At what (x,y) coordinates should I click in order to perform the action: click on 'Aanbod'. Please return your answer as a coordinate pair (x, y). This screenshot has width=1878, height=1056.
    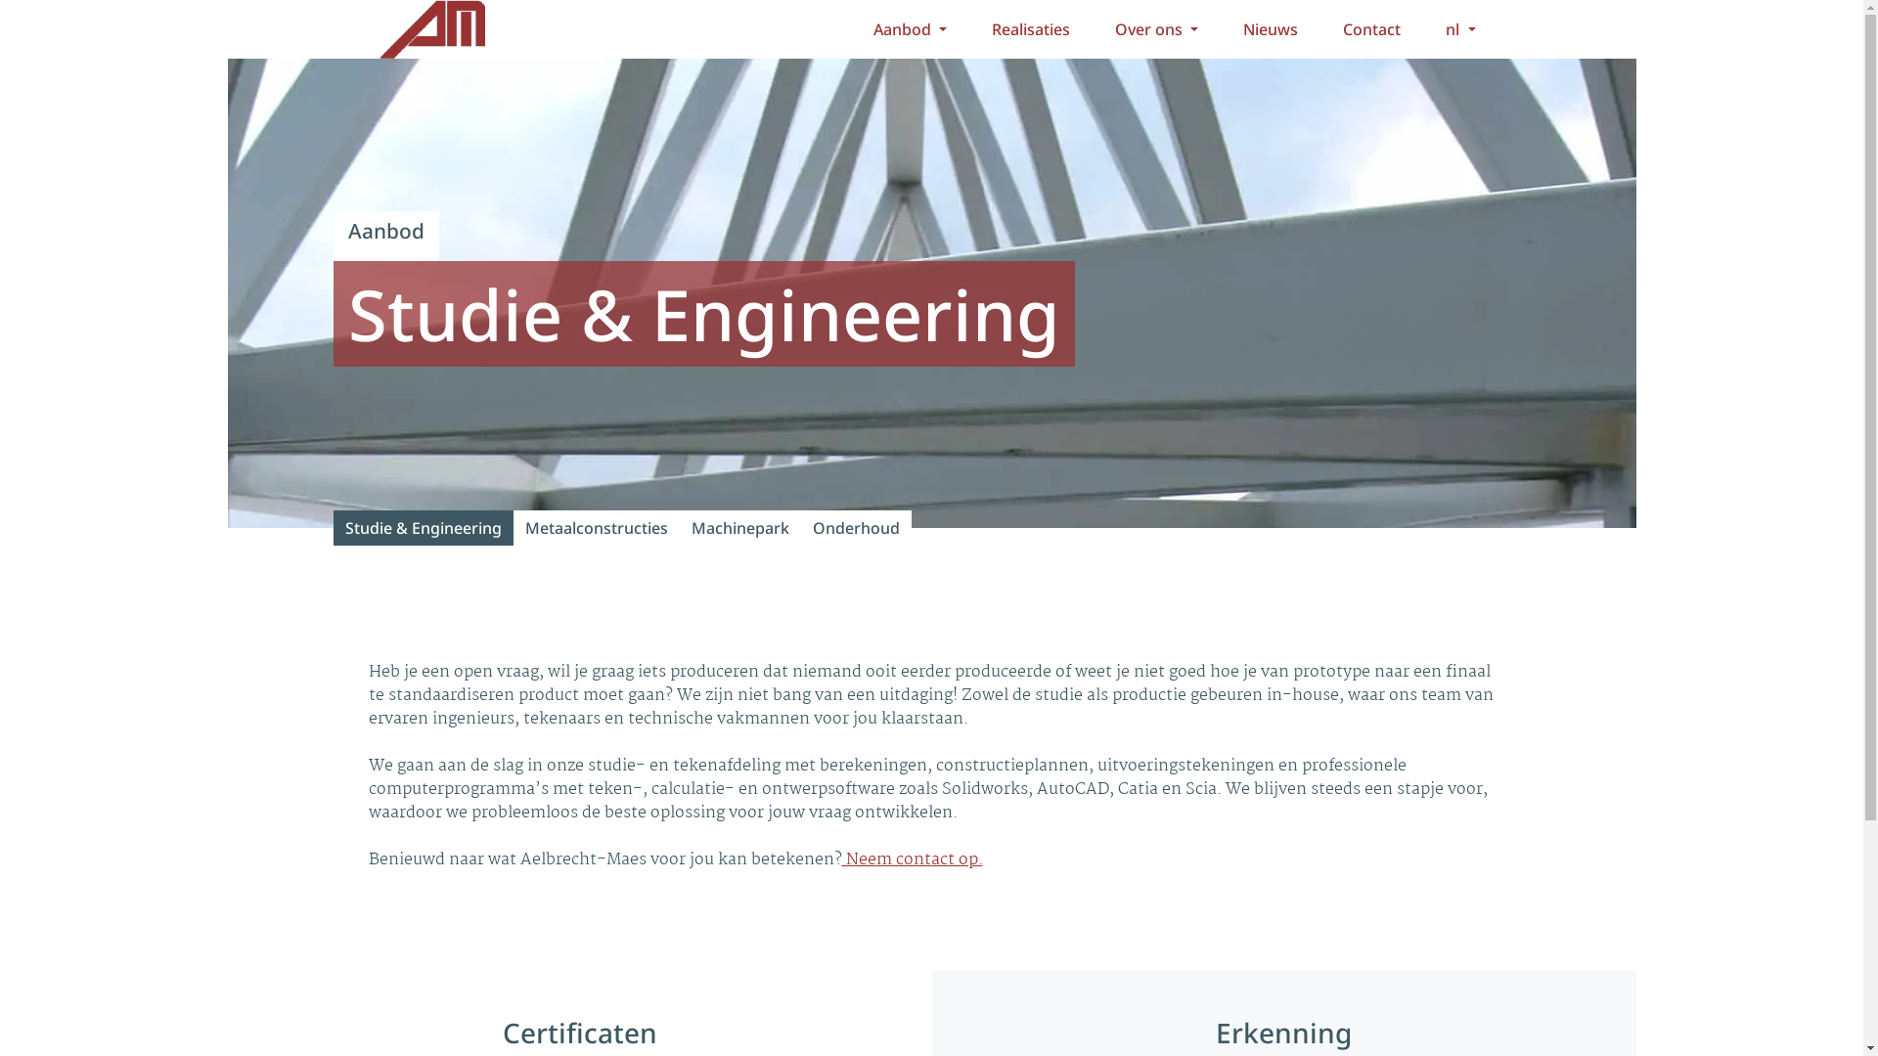
    Looking at the image, I should click on (909, 29).